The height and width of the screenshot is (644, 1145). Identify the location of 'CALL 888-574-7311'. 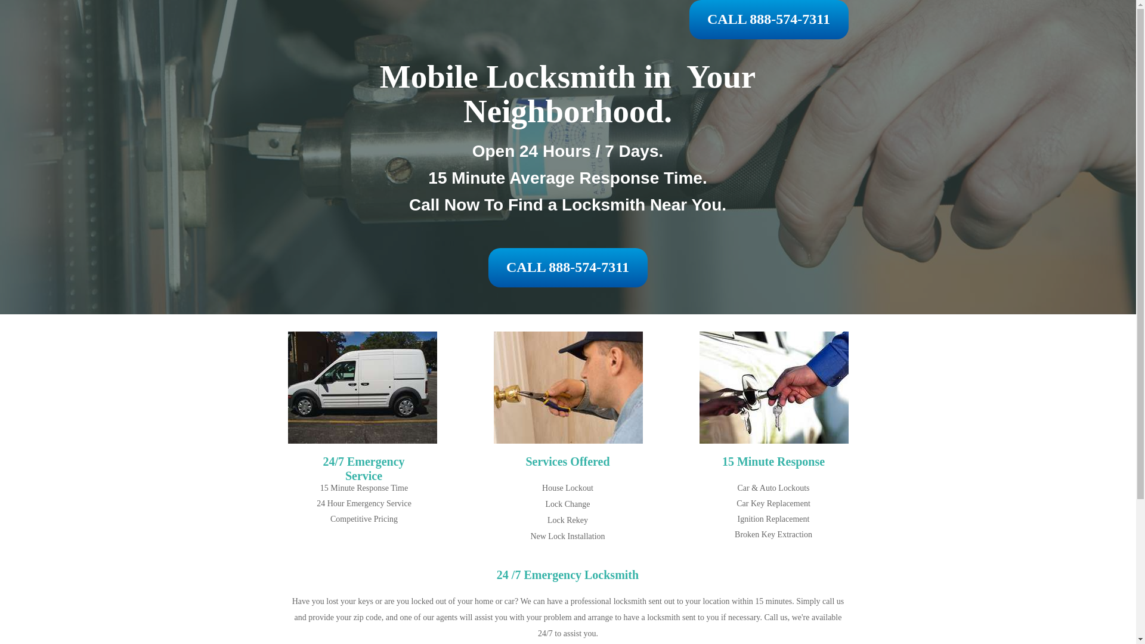
(689, 20).